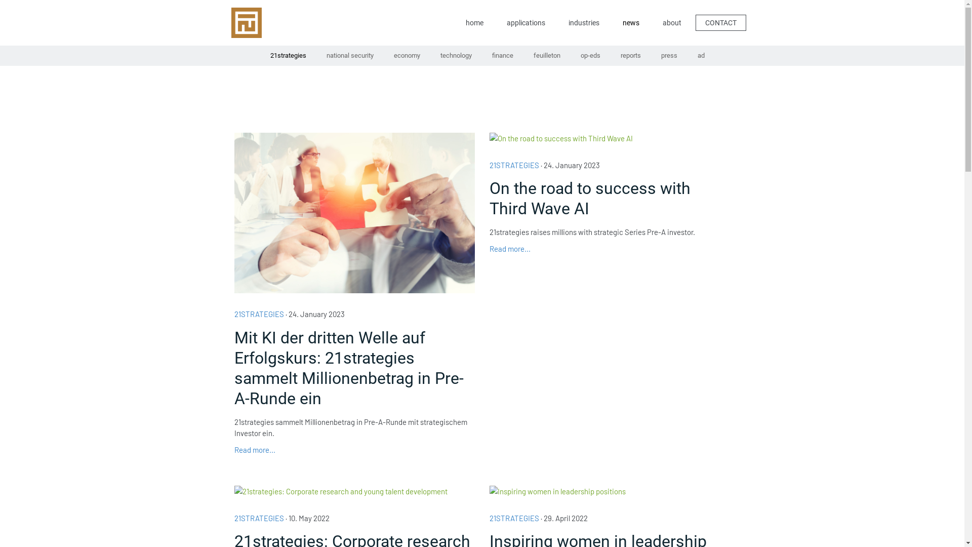 The height and width of the screenshot is (547, 972). What do you see at coordinates (613, 23) in the screenshot?
I see `'news'` at bounding box center [613, 23].